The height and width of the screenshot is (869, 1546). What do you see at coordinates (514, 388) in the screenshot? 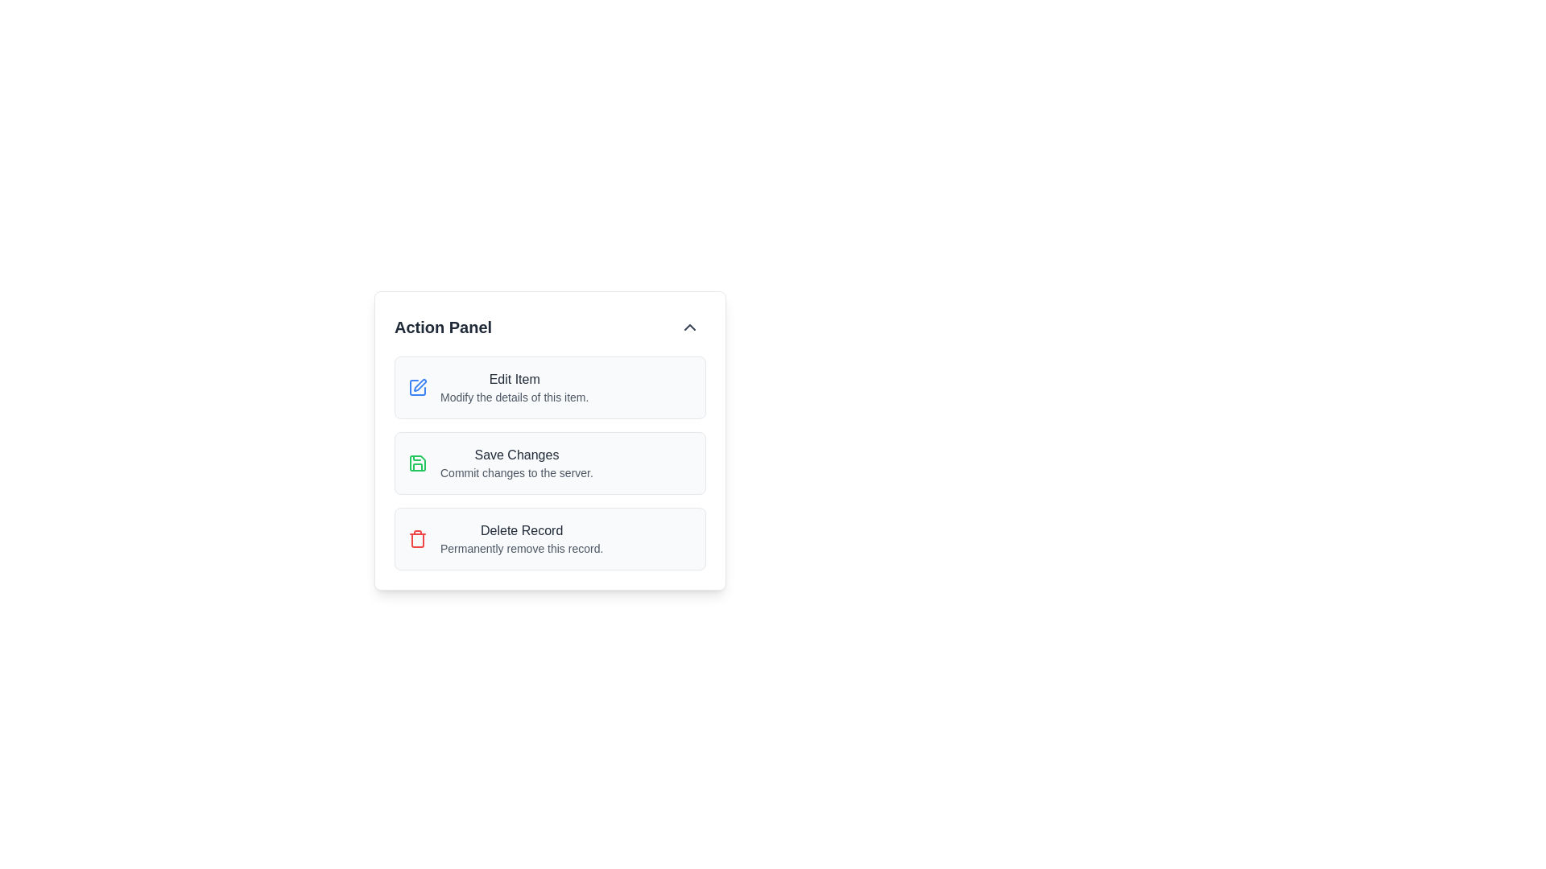
I see `the 'Edit Item' section which includes the title and description, located within the first card of the action panel` at bounding box center [514, 388].